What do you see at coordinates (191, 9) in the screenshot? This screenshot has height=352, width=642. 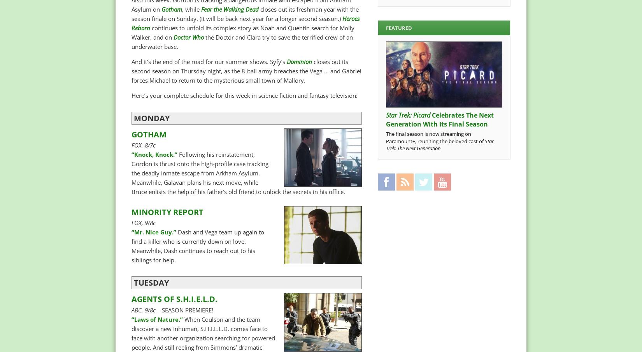 I see `', while'` at bounding box center [191, 9].